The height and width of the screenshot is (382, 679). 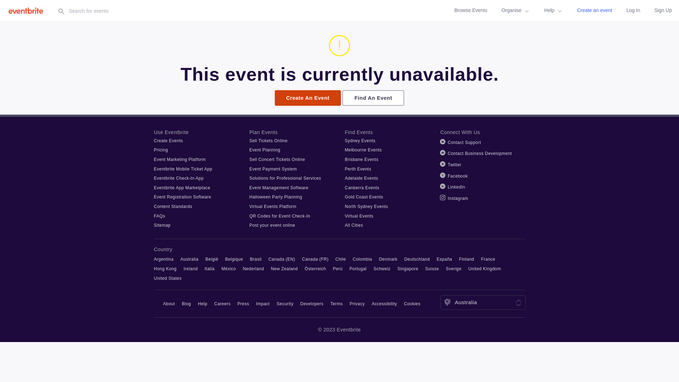 I want to click on 'Italia', so click(x=209, y=268).